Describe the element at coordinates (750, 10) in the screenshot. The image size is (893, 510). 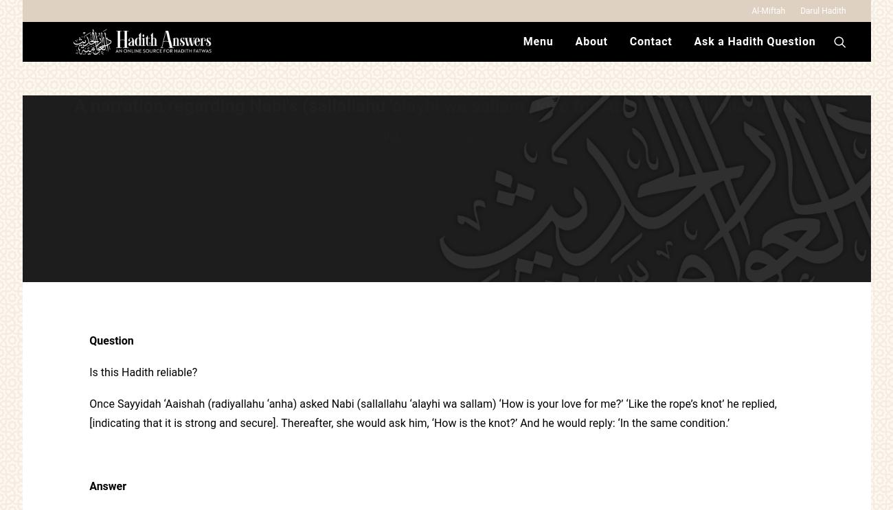
I see `'Al-Miftah'` at that location.